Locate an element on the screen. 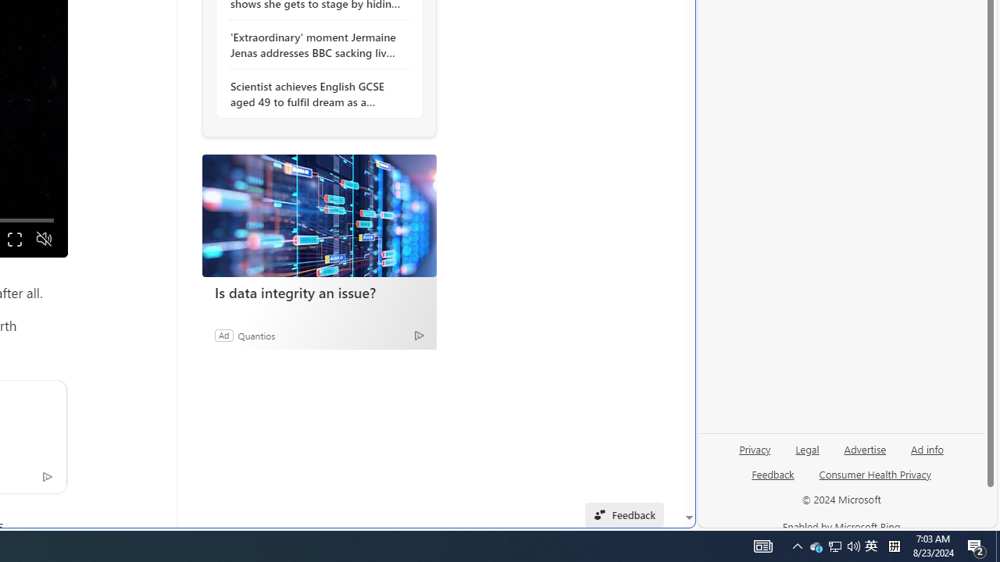 This screenshot has height=562, width=1000. 'Ad info' is located at coordinates (927, 455).